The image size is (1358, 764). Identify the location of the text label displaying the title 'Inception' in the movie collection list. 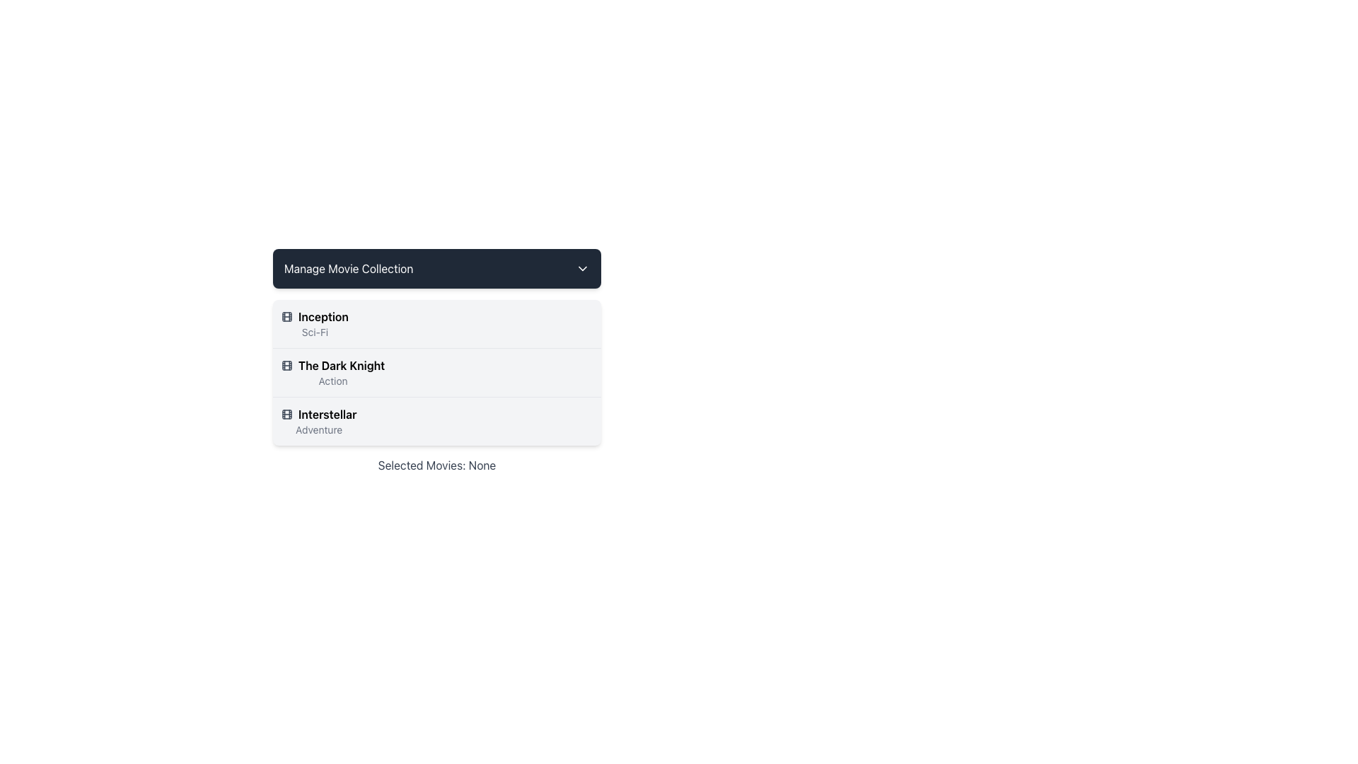
(314, 316).